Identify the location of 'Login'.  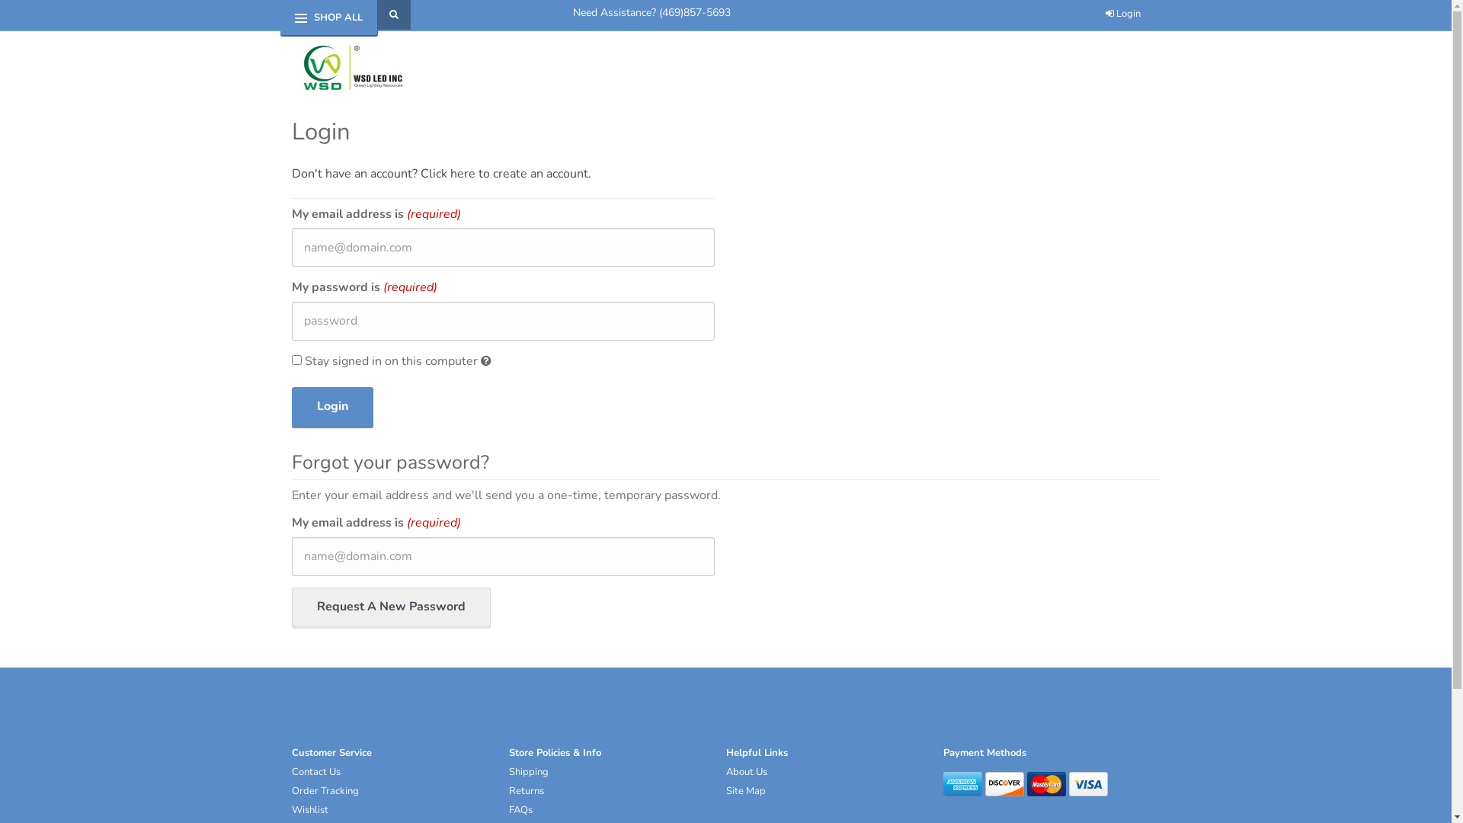
(331, 407).